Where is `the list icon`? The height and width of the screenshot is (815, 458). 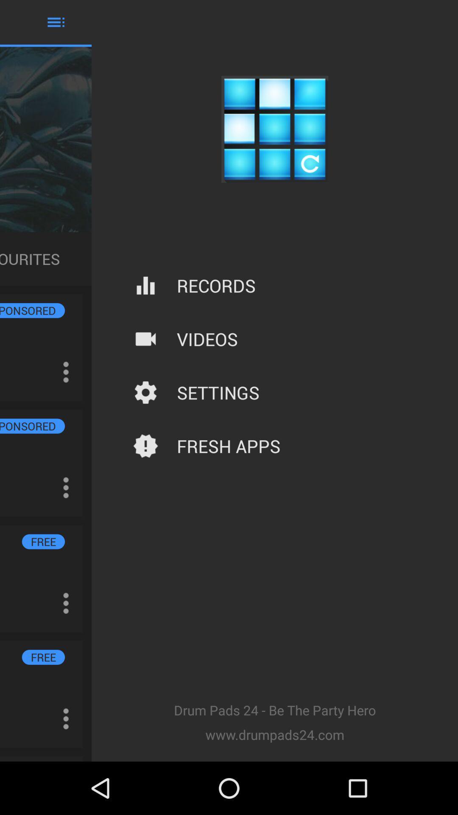
the list icon is located at coordinates (56, 24).